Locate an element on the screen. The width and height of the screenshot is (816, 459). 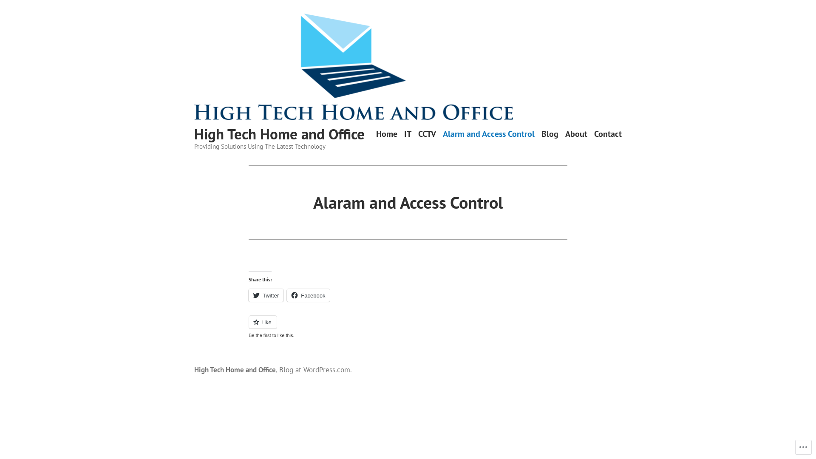
'High Tech Home and Office' is located at coordinates (279, 134).